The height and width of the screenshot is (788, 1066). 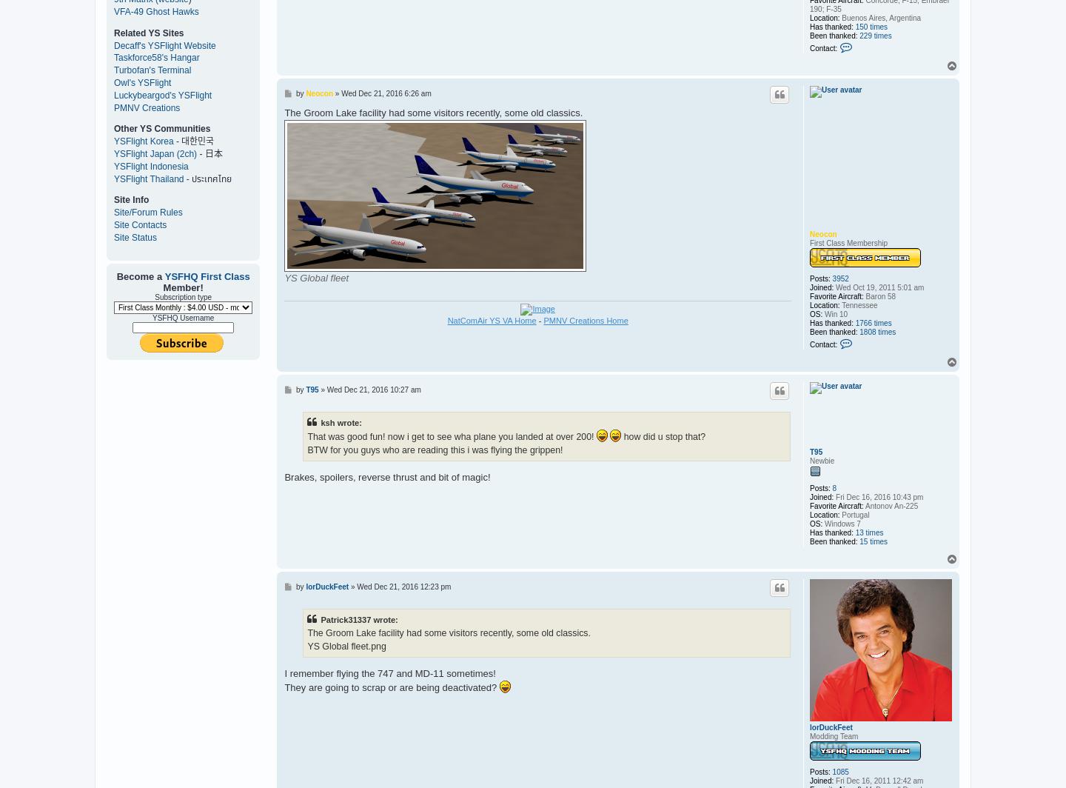 I want to click on 'Site Info', so click(x=130, y=200).